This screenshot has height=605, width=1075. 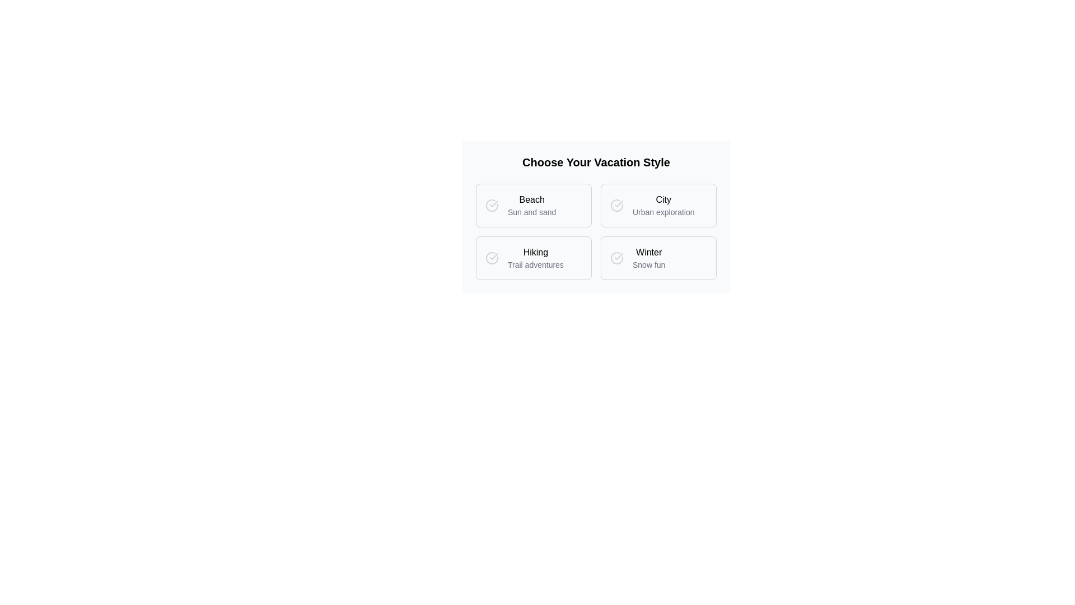 I want to click on the 'Beach' selectable card in the 'Choose Your Vacation Style' section to make this selection, so click(x=533, y=205).